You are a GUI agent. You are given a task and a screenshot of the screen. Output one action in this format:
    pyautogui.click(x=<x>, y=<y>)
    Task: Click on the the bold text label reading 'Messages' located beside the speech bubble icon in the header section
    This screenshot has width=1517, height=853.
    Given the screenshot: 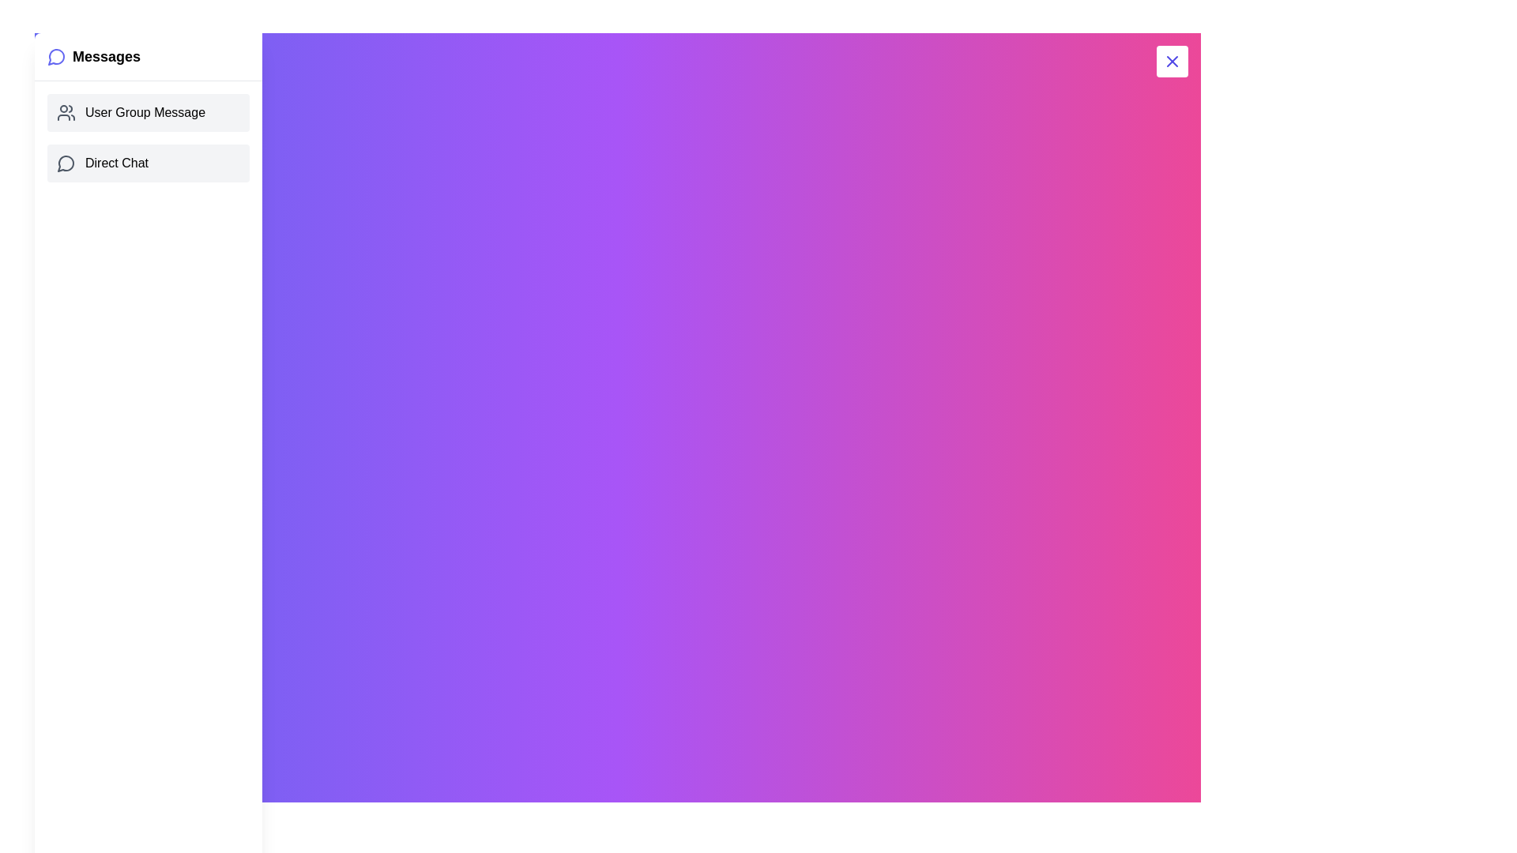 What is the action you would take?
    pyautogui.click(x=105, y=56)
    